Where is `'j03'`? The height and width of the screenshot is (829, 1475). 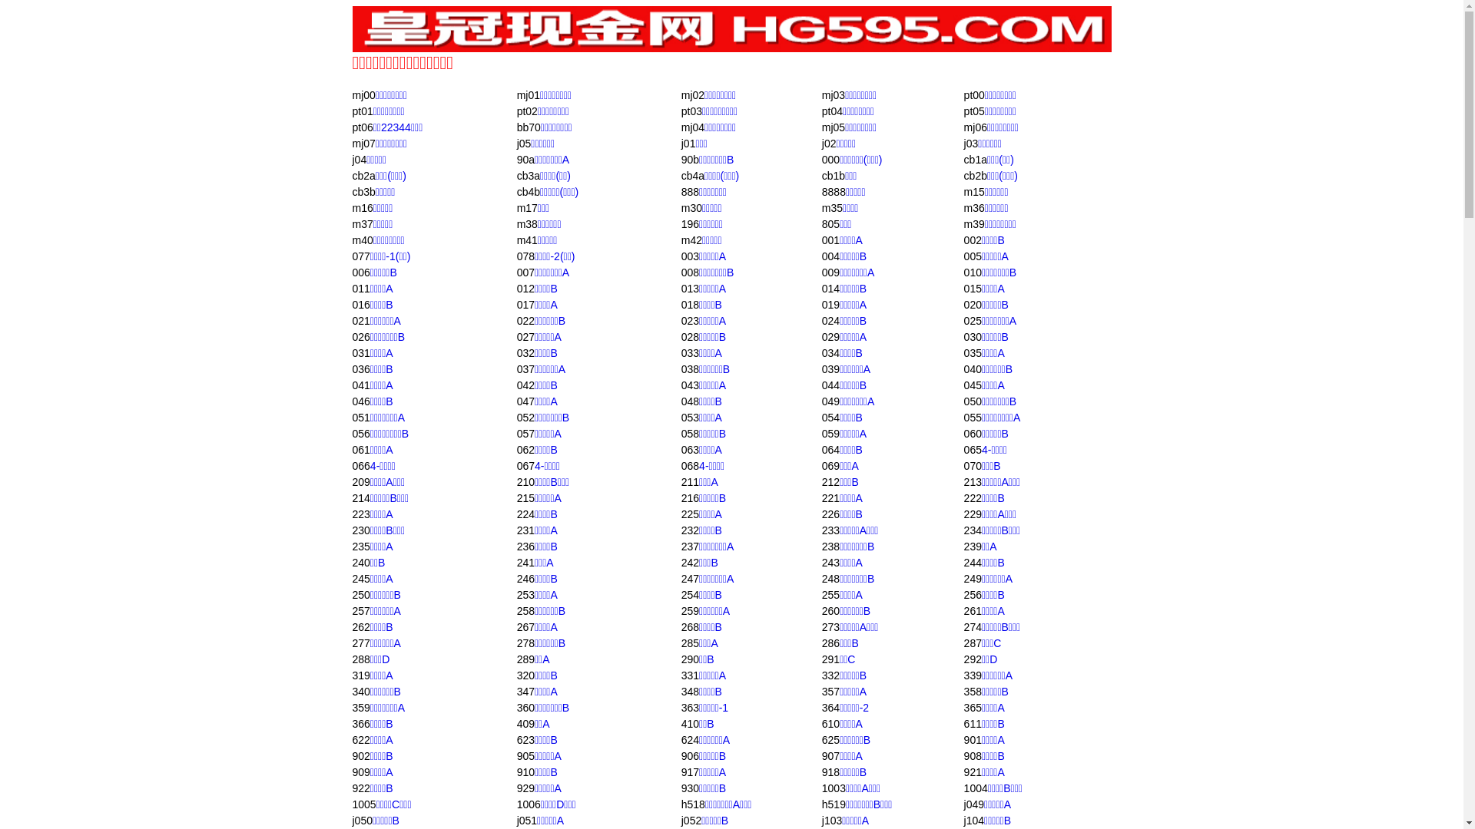 'j03' is located at coordinates (970, 143).